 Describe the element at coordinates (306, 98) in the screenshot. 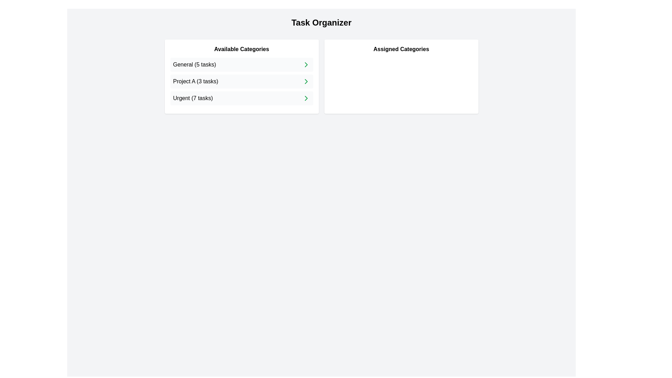

I see `right arrow next to the category Urgent (7 tasks) in the 'Available Categories' list to assign it to the 'Assigned Categories' list` at that location.